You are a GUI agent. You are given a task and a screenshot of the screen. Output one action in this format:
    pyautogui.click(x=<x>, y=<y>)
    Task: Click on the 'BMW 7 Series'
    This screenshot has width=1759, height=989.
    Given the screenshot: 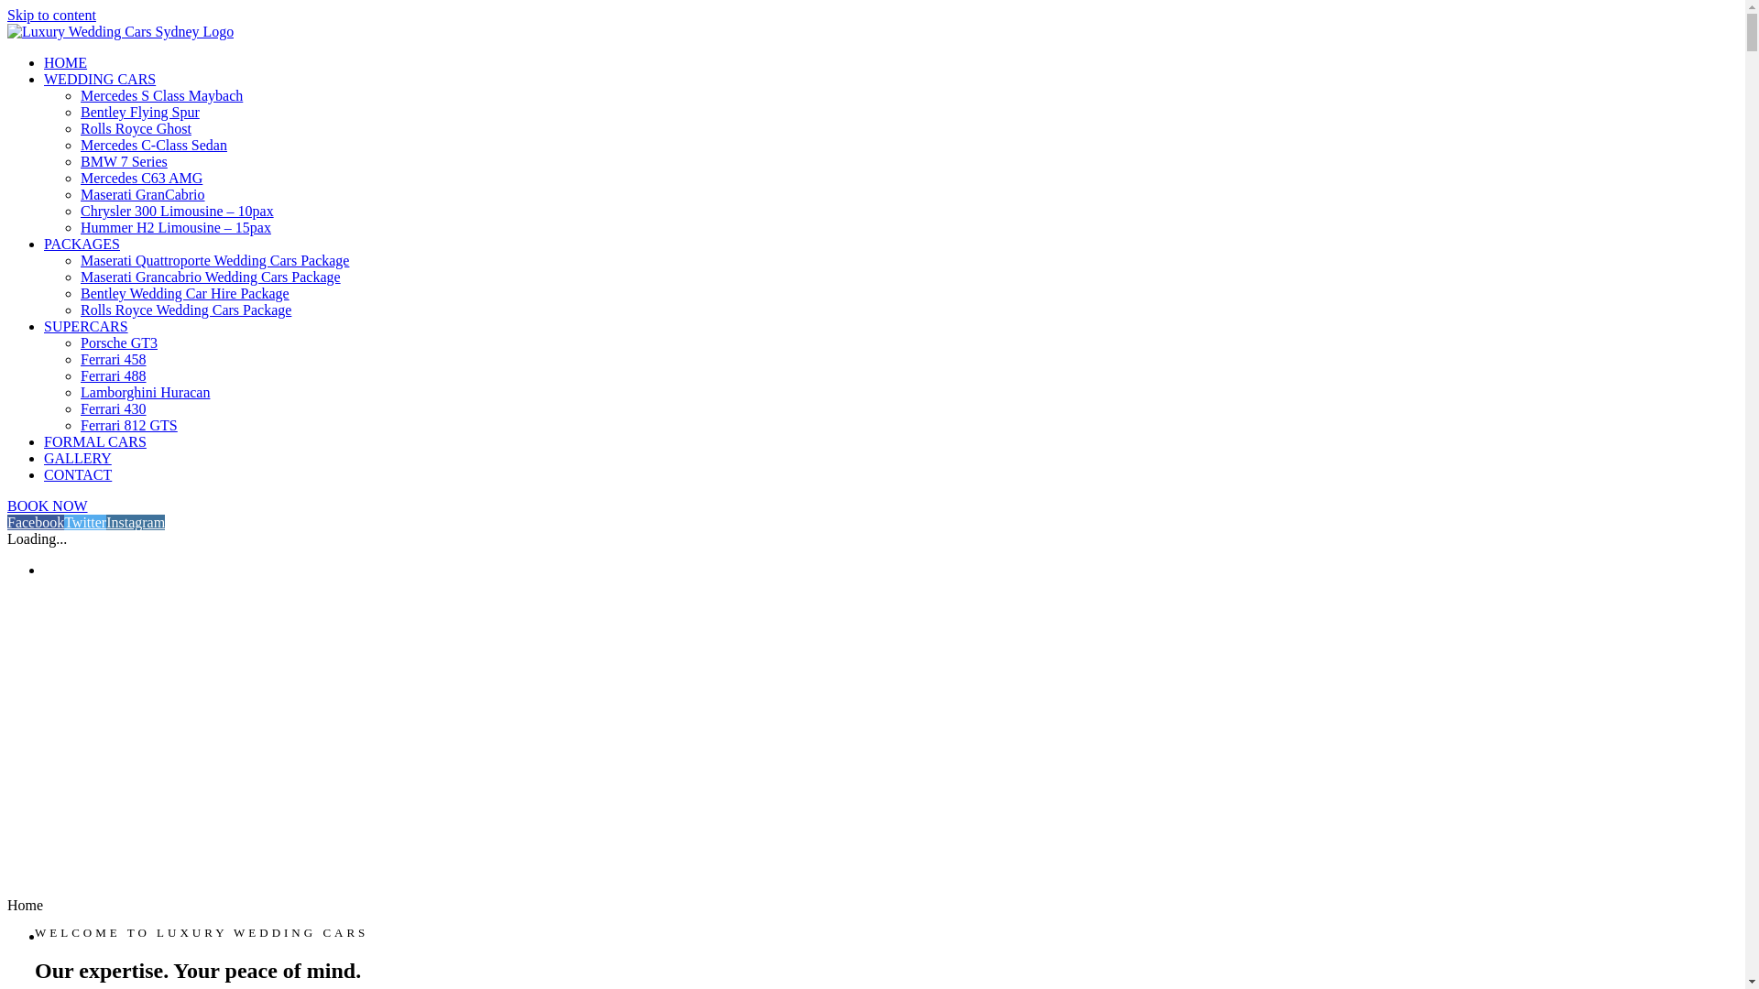 What is the action you would take?
    pyautogui.click(x=123, y=160)
    